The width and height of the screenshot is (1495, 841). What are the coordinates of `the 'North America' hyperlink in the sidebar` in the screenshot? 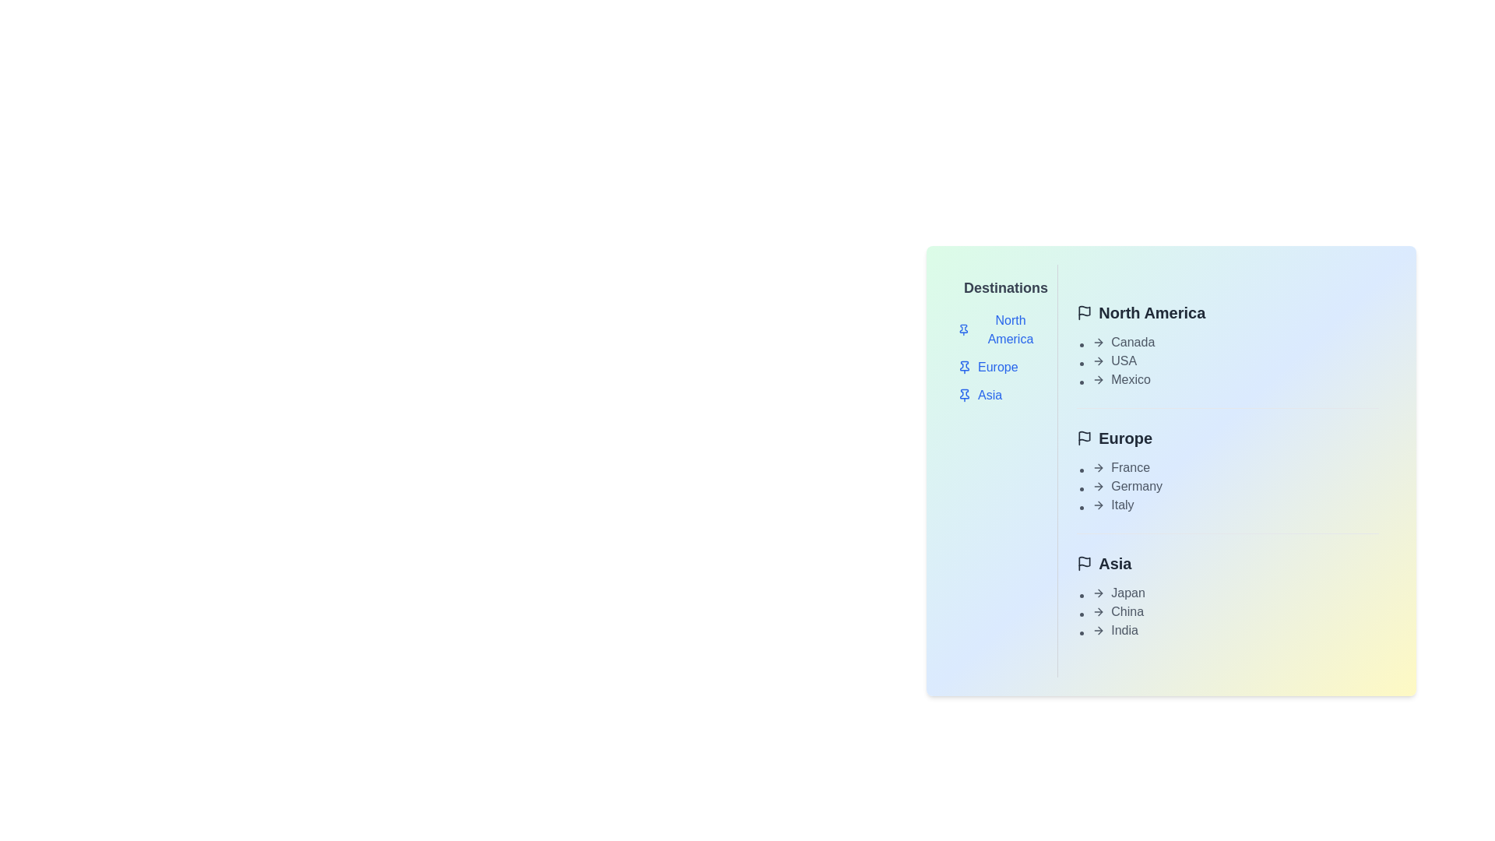 It's located at (1001, 329).